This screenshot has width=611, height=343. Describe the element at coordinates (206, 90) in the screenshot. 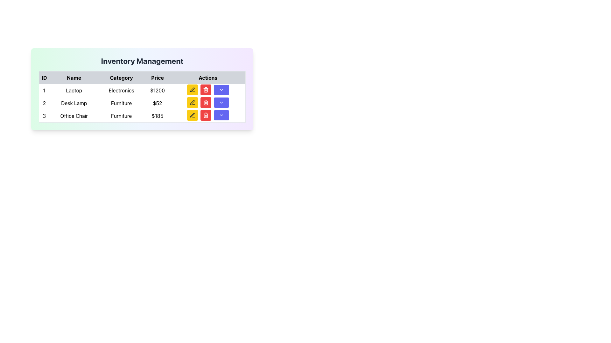

I see `the trash can icon button with a red square background located in the Actions column of the table` at that location.